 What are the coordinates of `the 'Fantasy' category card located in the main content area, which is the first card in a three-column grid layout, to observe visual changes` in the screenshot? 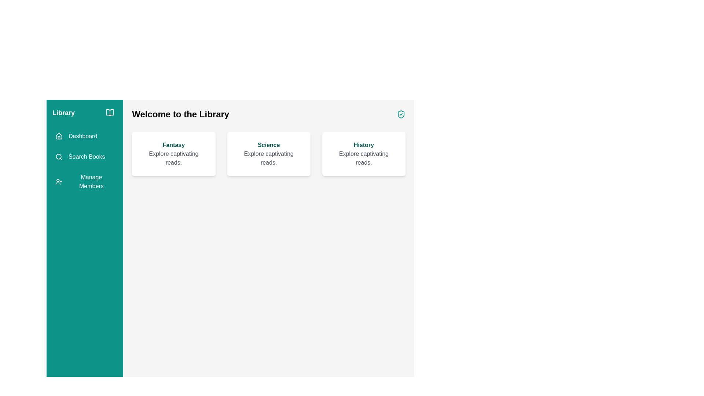 It's located at (173, 154).